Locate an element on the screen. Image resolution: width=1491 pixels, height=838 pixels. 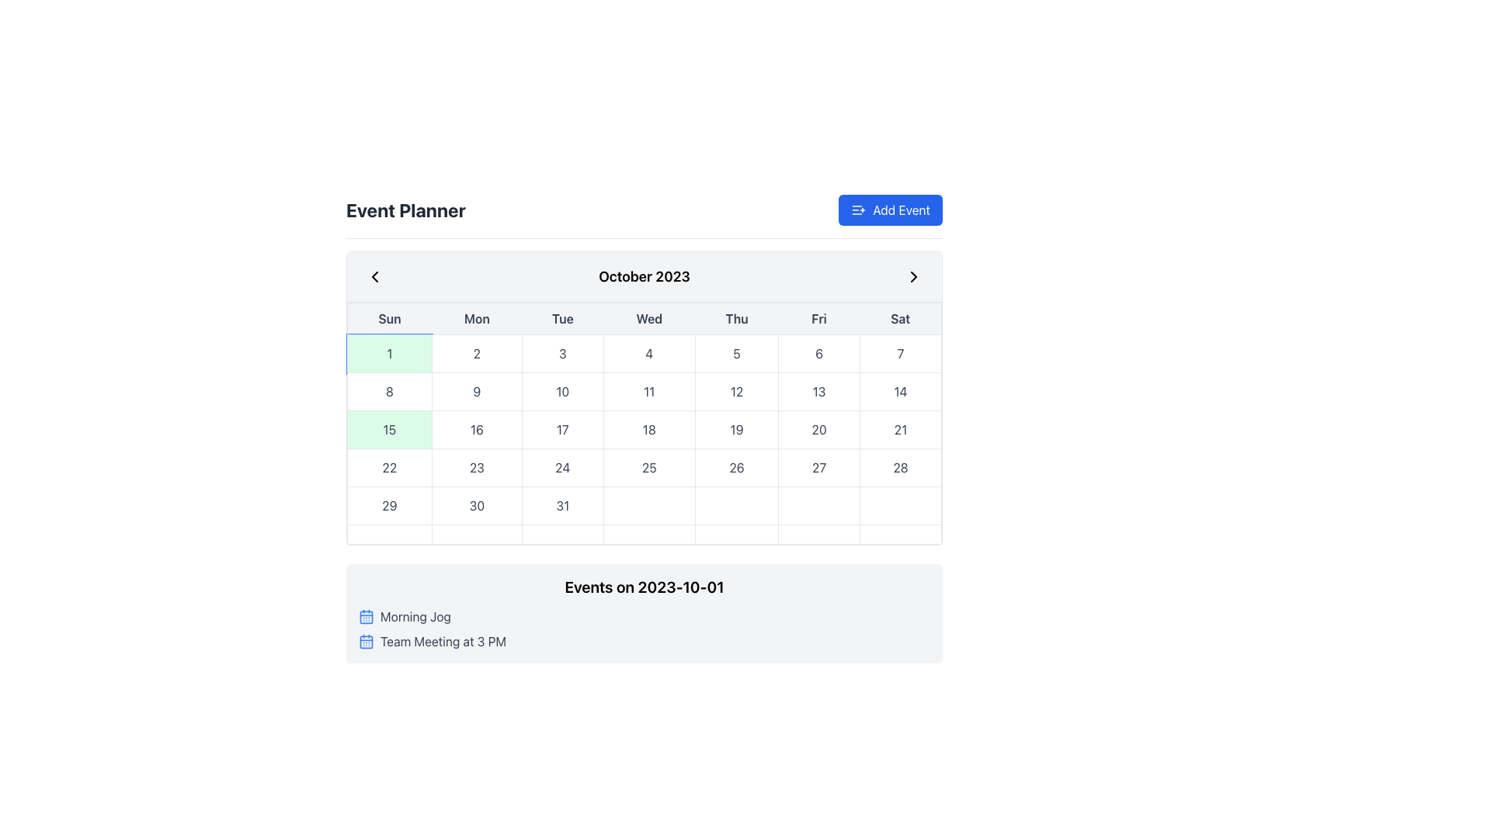
the fifth selectable block at the bottom of the calendar grid is located at coordinates (736, 534).